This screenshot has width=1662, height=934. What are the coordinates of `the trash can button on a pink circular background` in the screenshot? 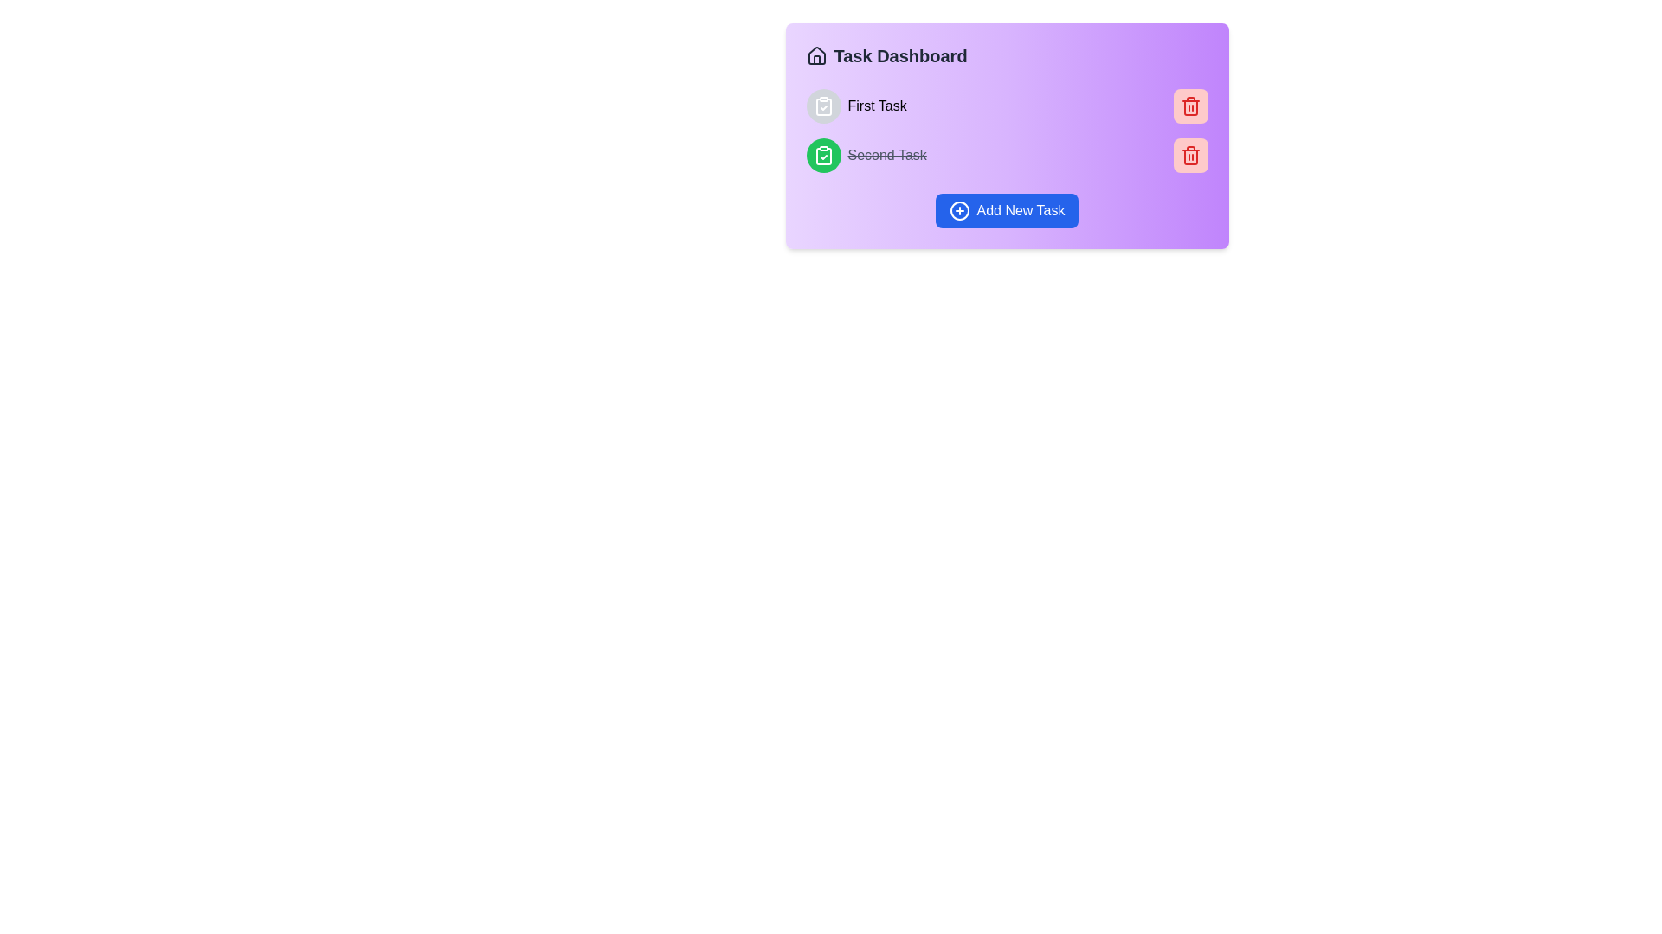 It's located at (1189, 157).